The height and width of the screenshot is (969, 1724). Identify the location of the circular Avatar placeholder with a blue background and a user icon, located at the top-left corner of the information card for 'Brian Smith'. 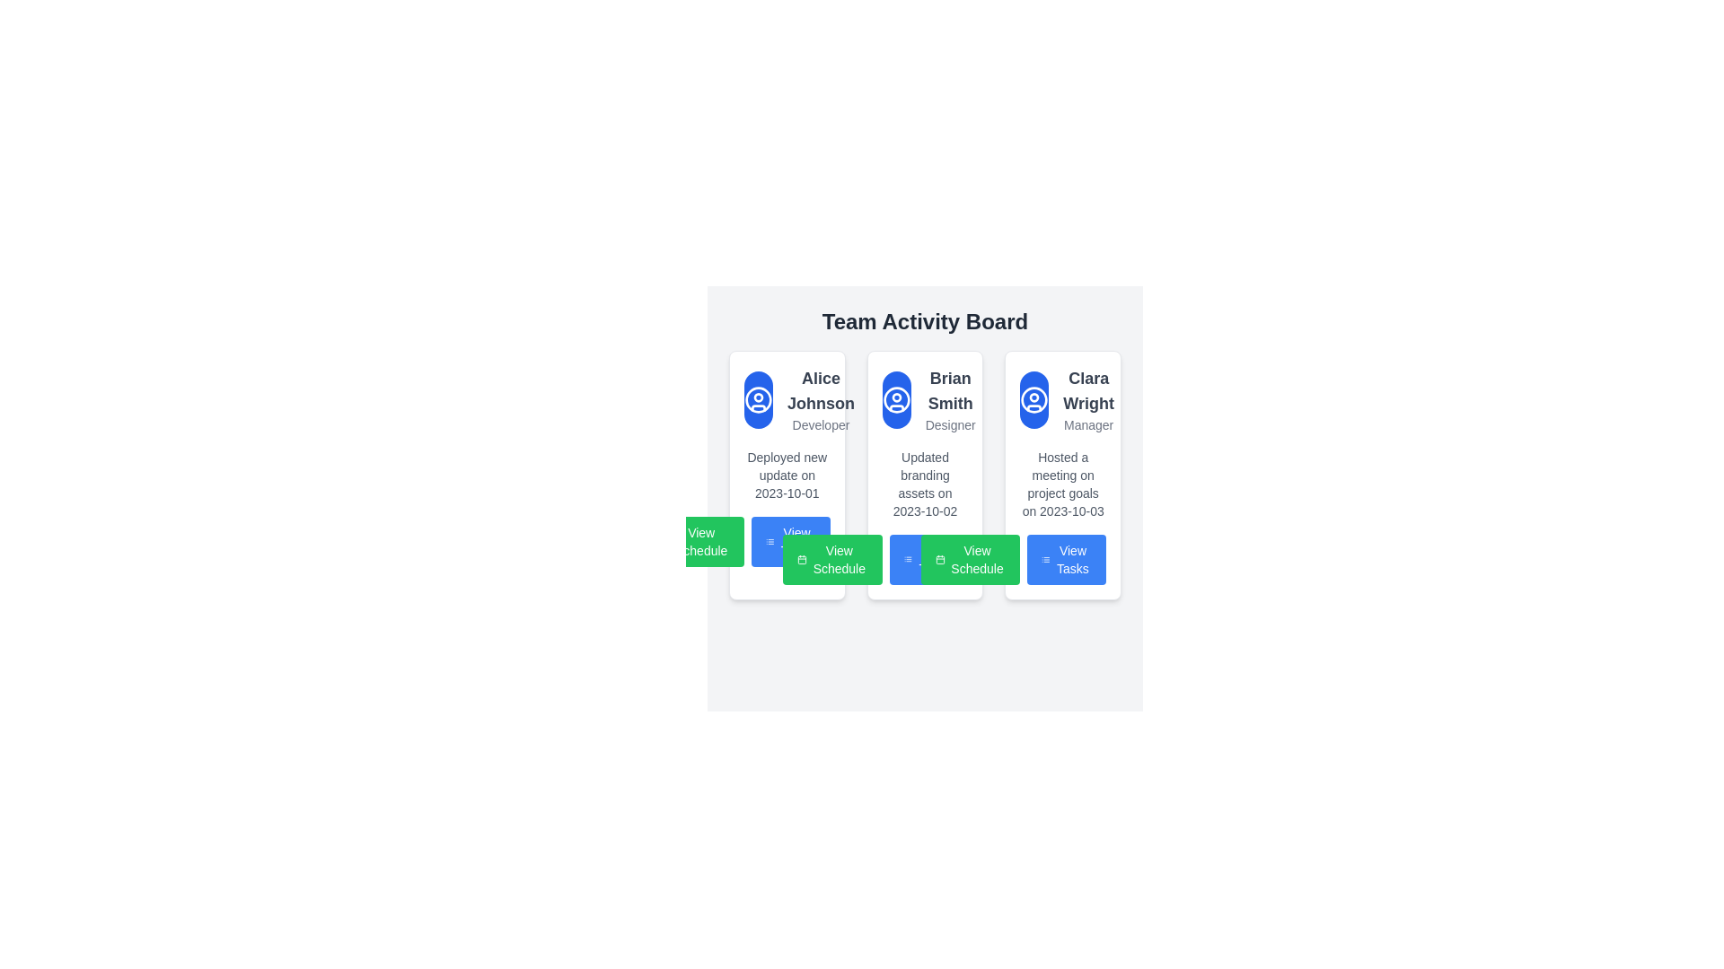
(896, 399).